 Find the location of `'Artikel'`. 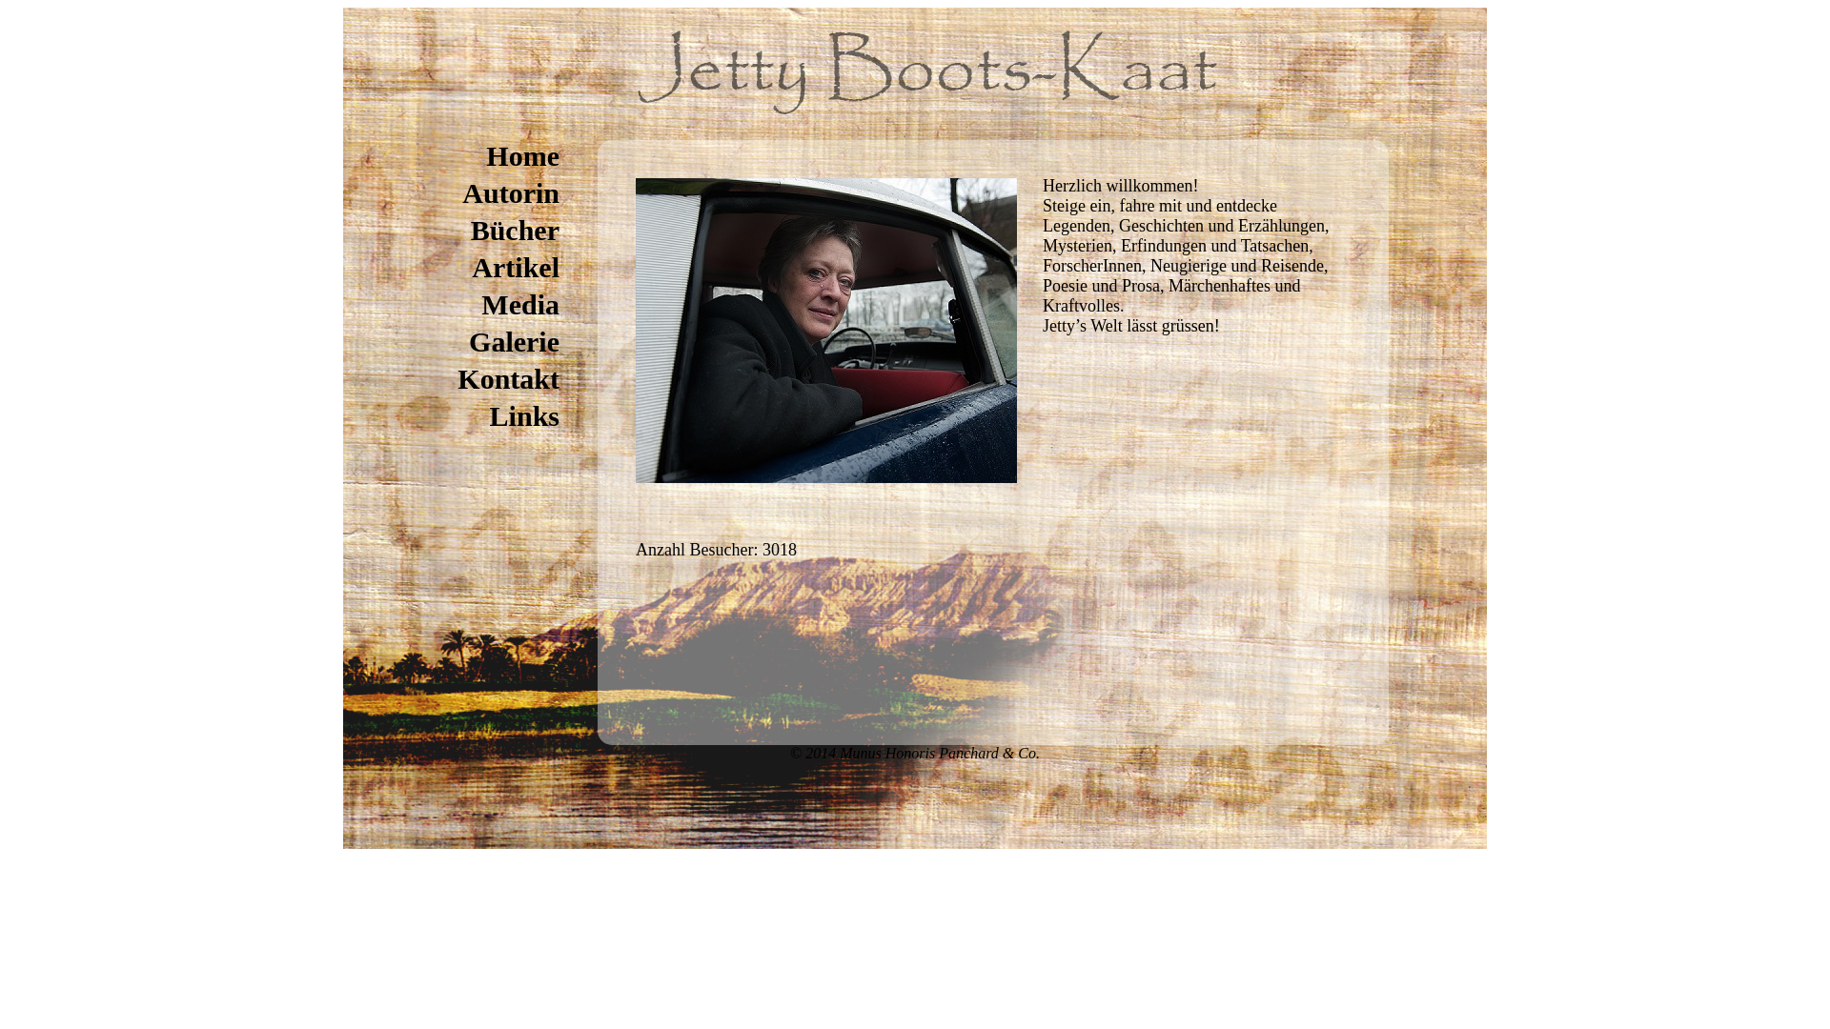

'Artikel' is located at coordinates (471, 267).